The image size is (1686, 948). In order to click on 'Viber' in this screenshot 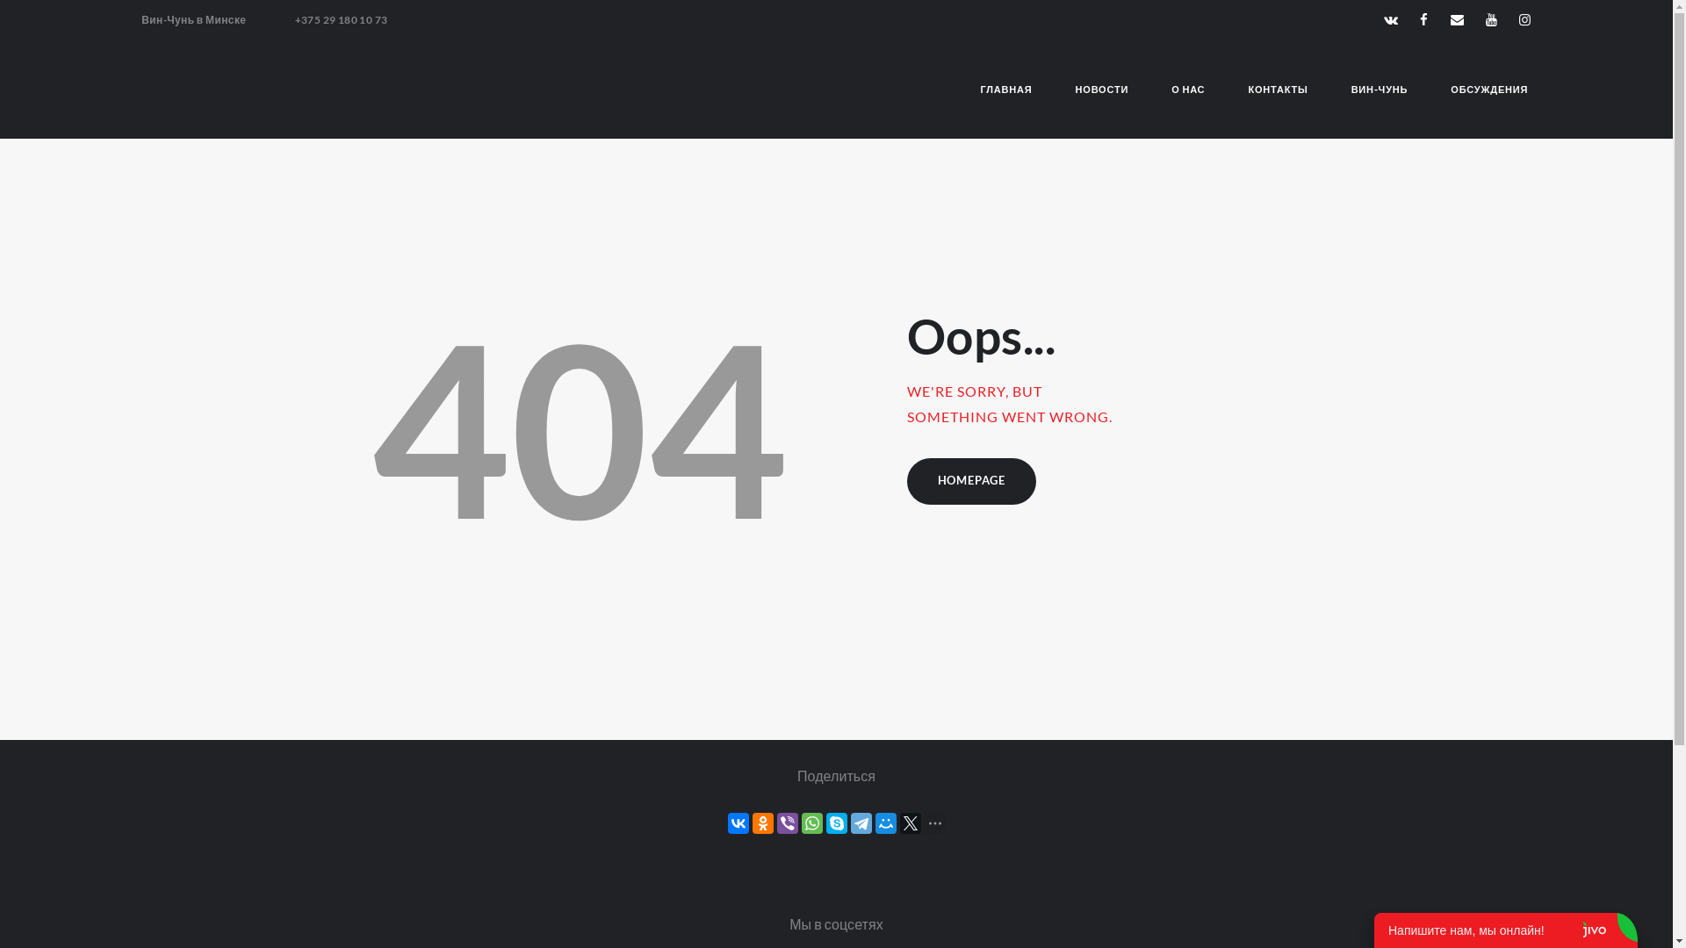, I will do `click(786, 822)`.